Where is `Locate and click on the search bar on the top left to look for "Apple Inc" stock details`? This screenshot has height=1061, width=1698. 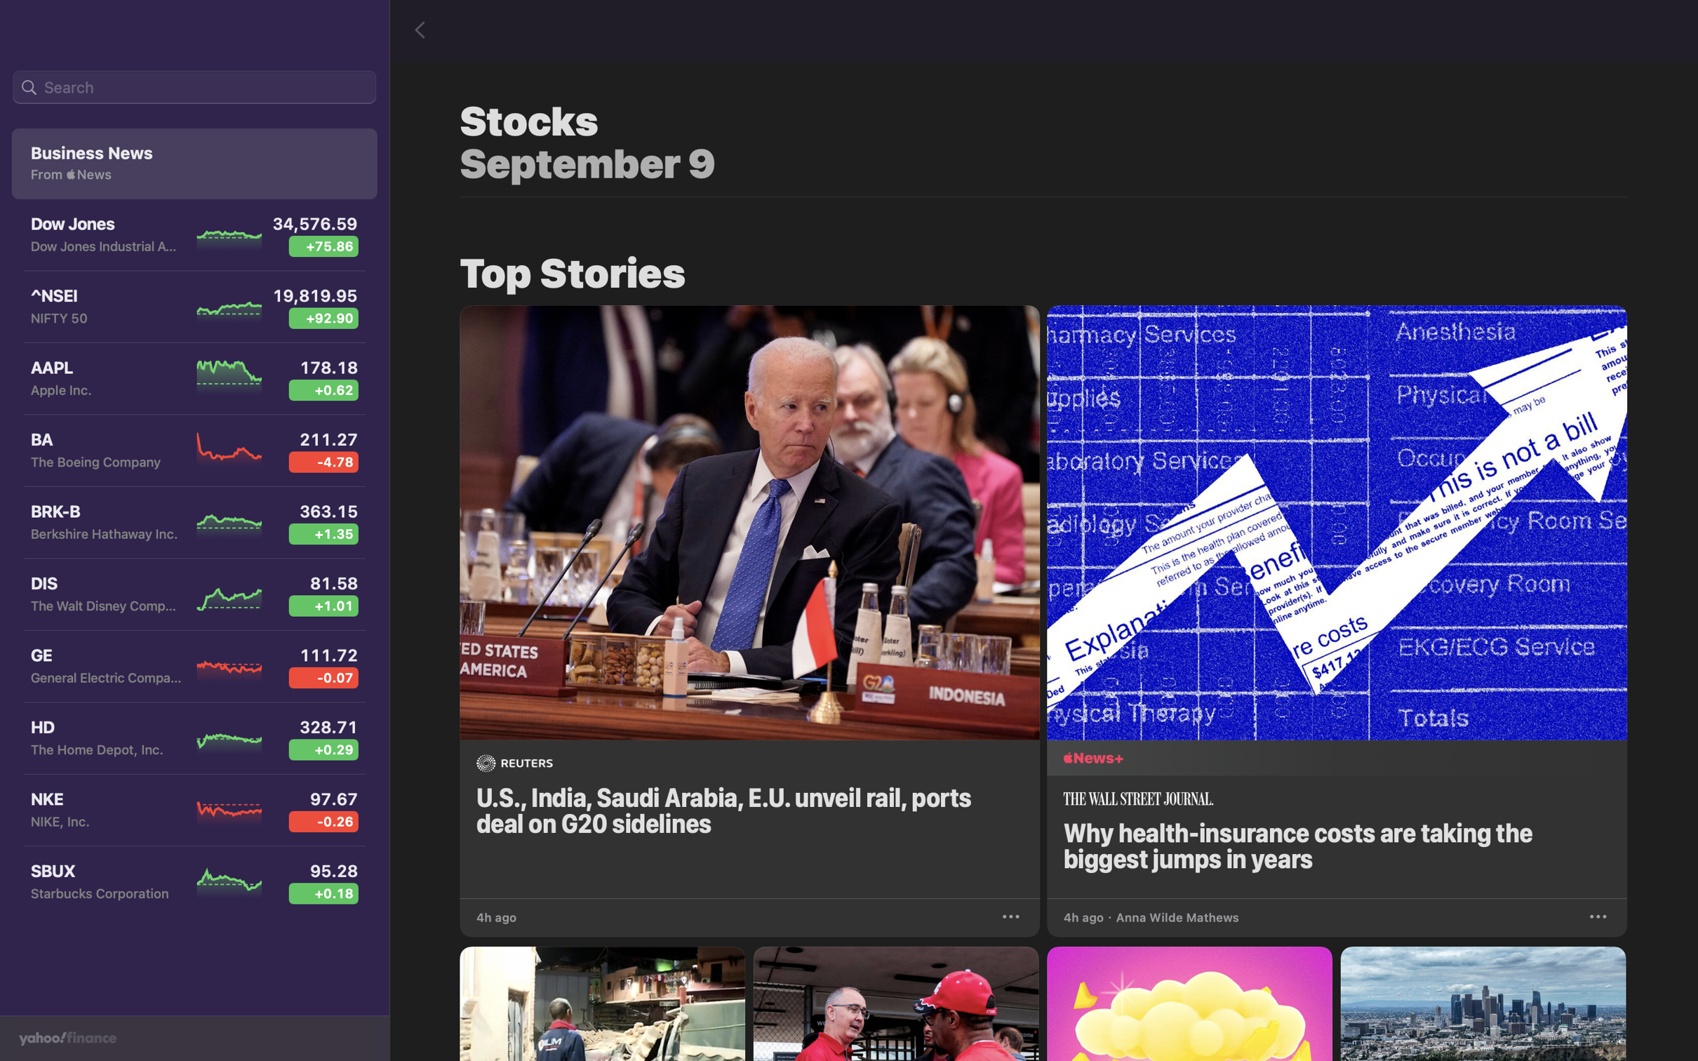 Locate and click on the search bar on the top left to look for "Apple Inc" stock details is located at coordinates (194, 88).